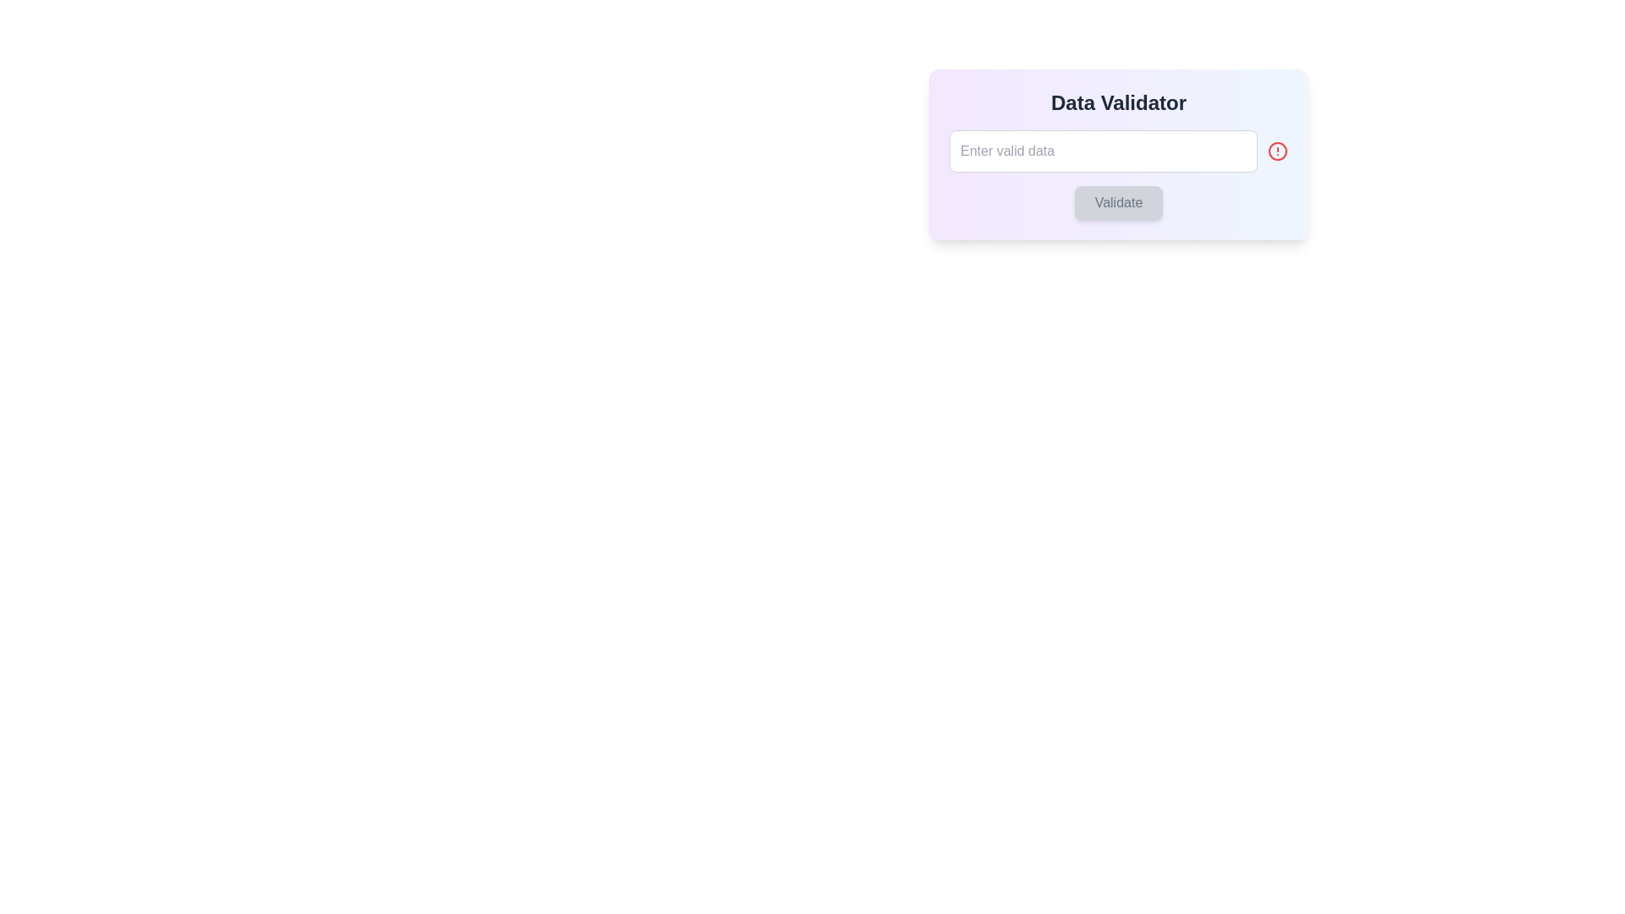 Image resolution: width=1625 pixels, height=914 pixels. What do you see at coordinates (1118, 201) in the screenshot?
I see `the disabled validation button located at the lower portion of the 'Data Validator' card layout, which is grayed out and positioned below the text input field` at bounding box center [1118, 201].